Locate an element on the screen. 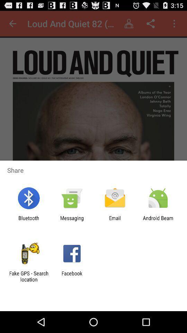 The width and height of the screenshot is (187, 333). the app next to the bluetooth icon is located at coordinates (71, 221).